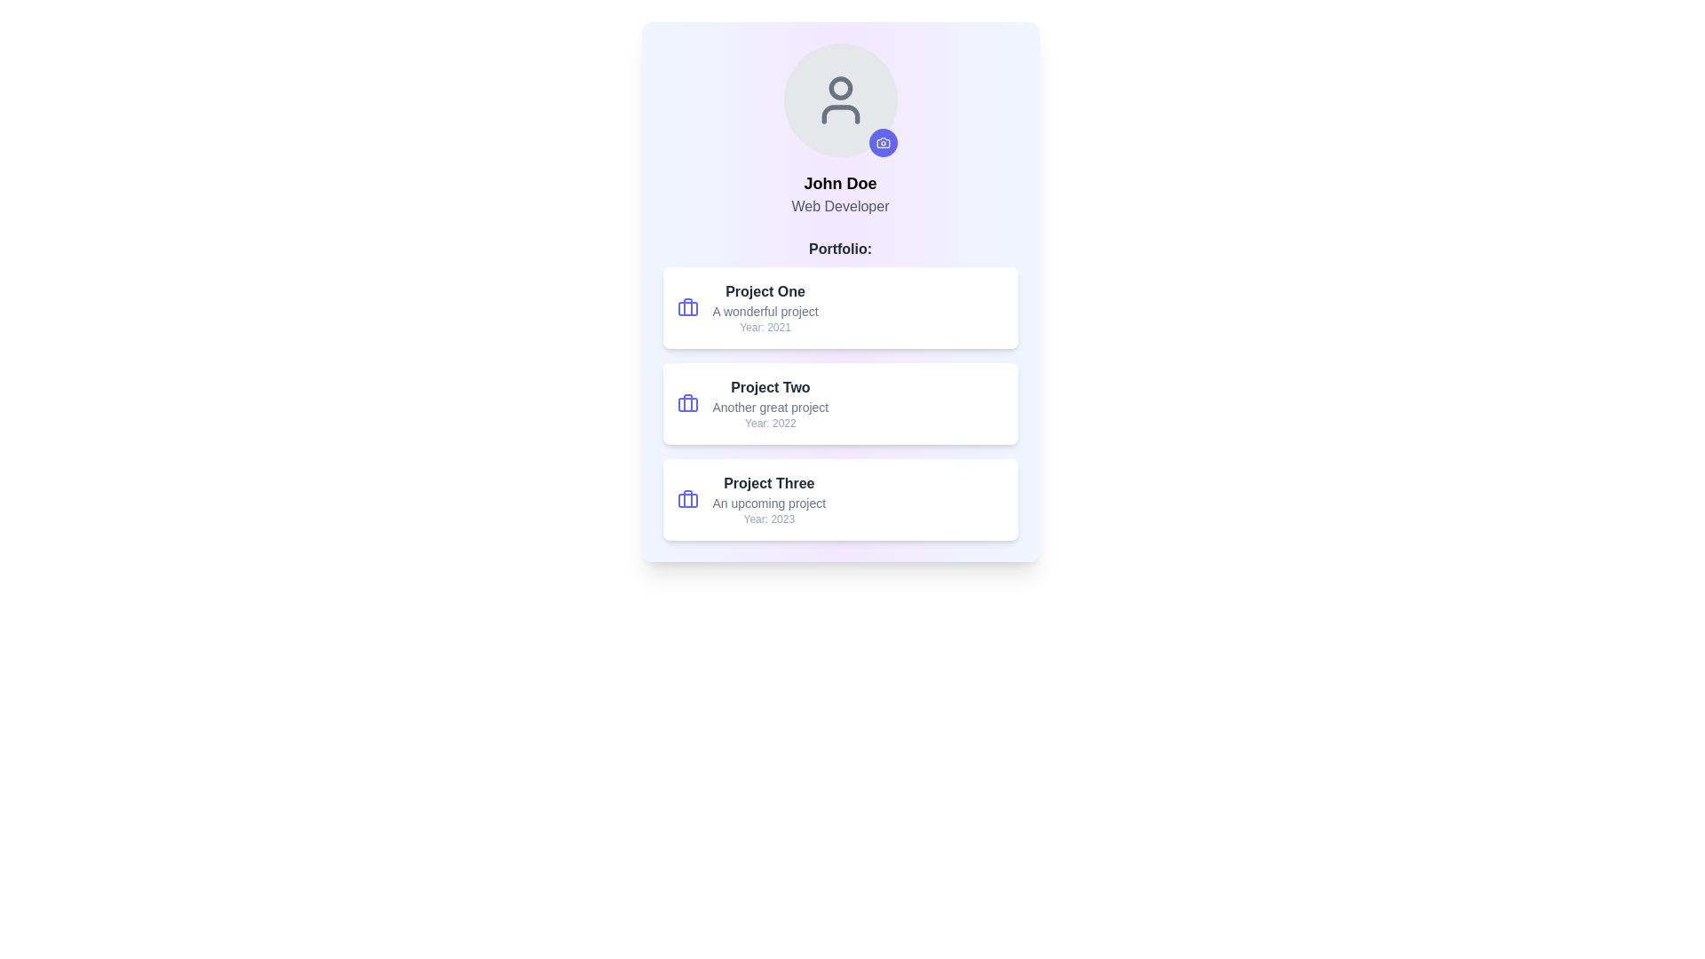  Describe the element at coordinates (765, 311) in the screenshot. I see `the text label displaying 'A wonderful project', which is styled in small gray font and positioned below the title 'Project One' in a card layout` at that location.